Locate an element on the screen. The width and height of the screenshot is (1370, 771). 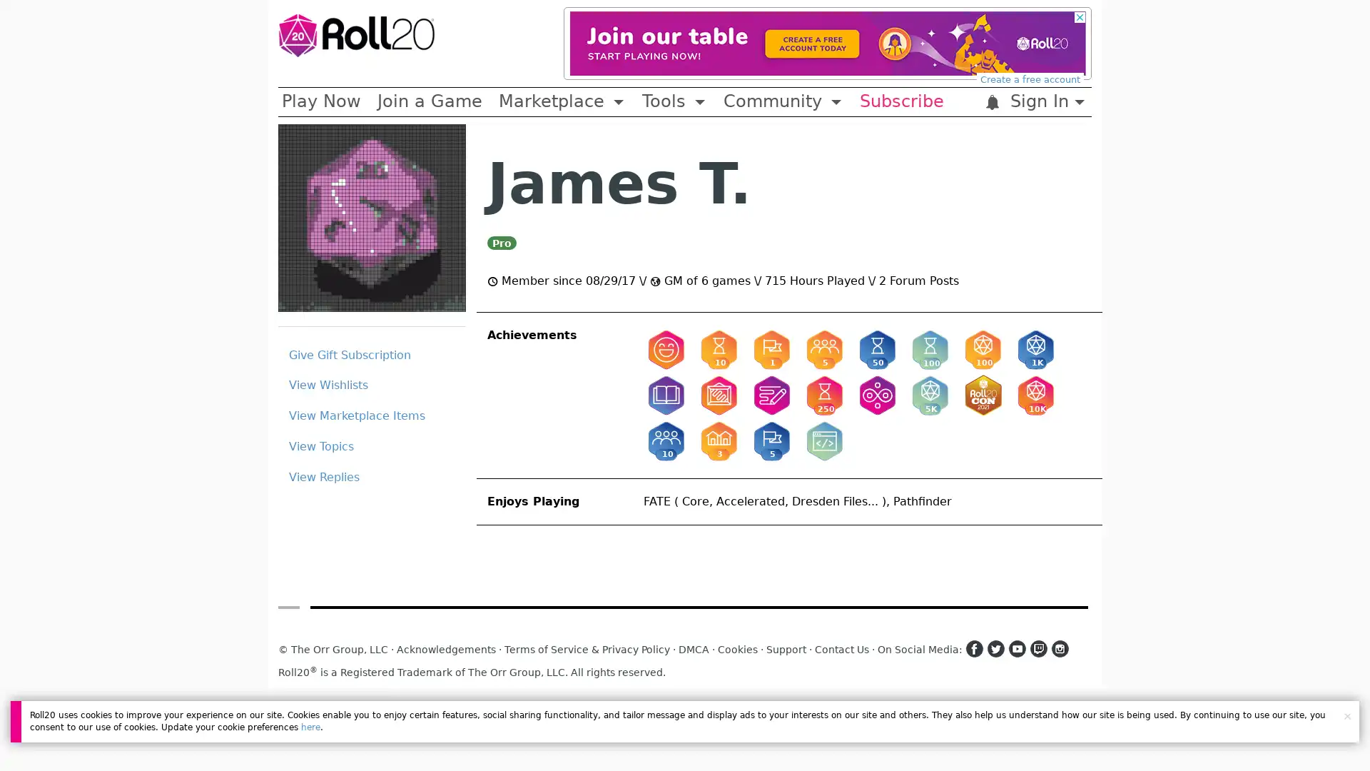
Toggle Dropdown is located at coordinates (836, 101).